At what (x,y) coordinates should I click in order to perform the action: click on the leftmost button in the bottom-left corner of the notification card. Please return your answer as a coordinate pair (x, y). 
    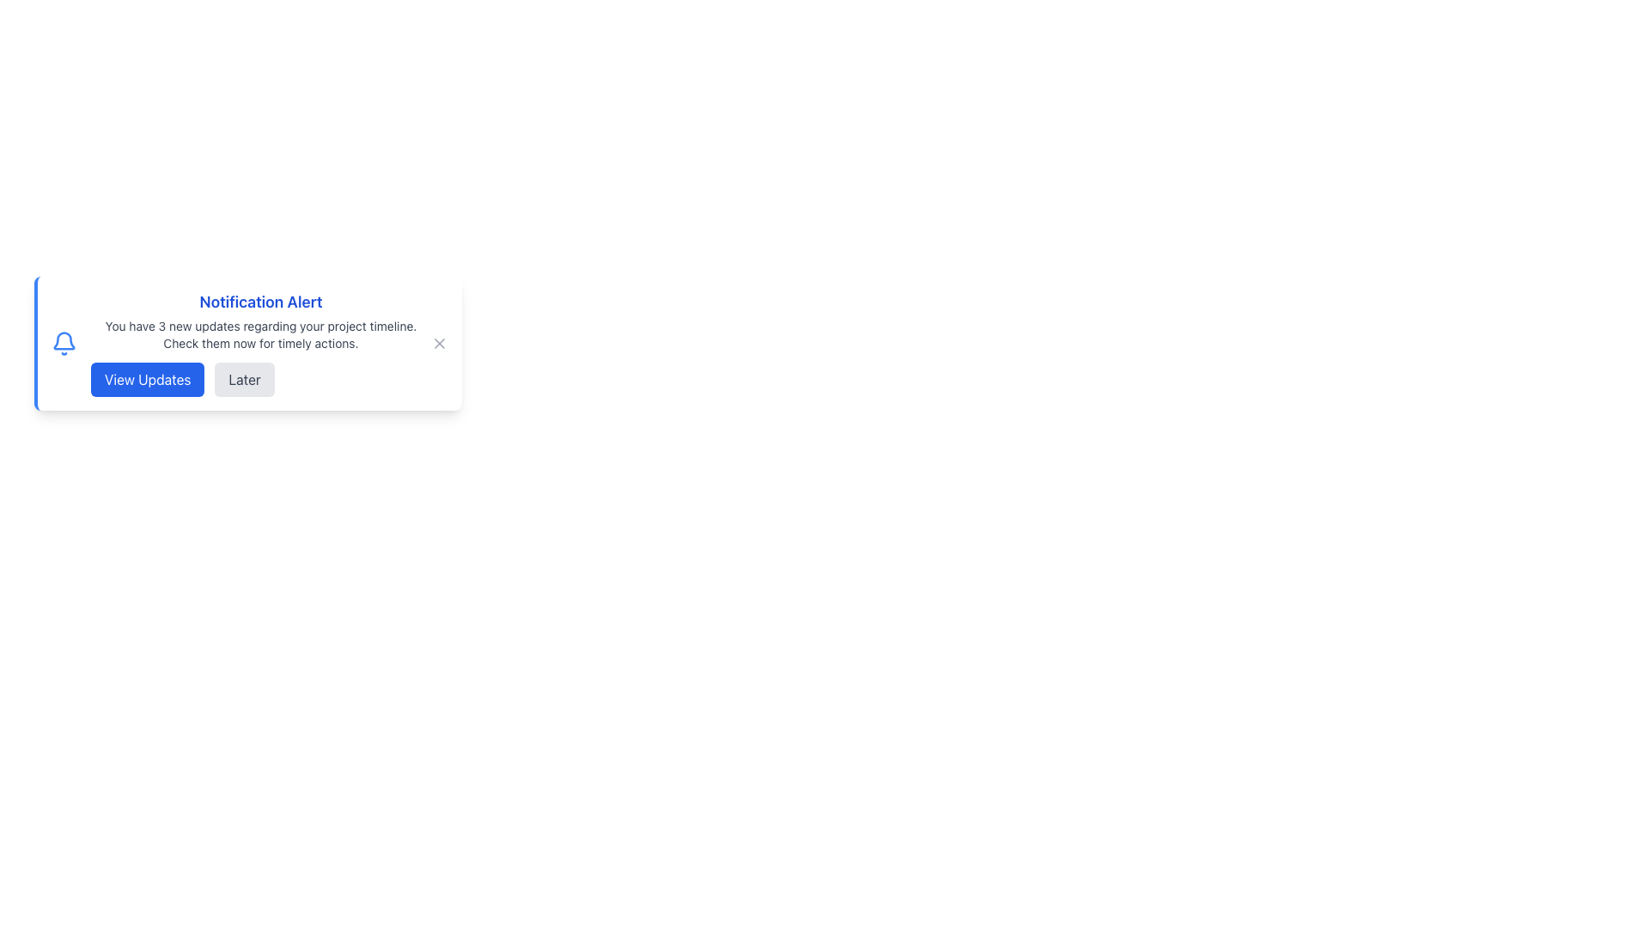
    Looking at the image, I should click on (148, 379).